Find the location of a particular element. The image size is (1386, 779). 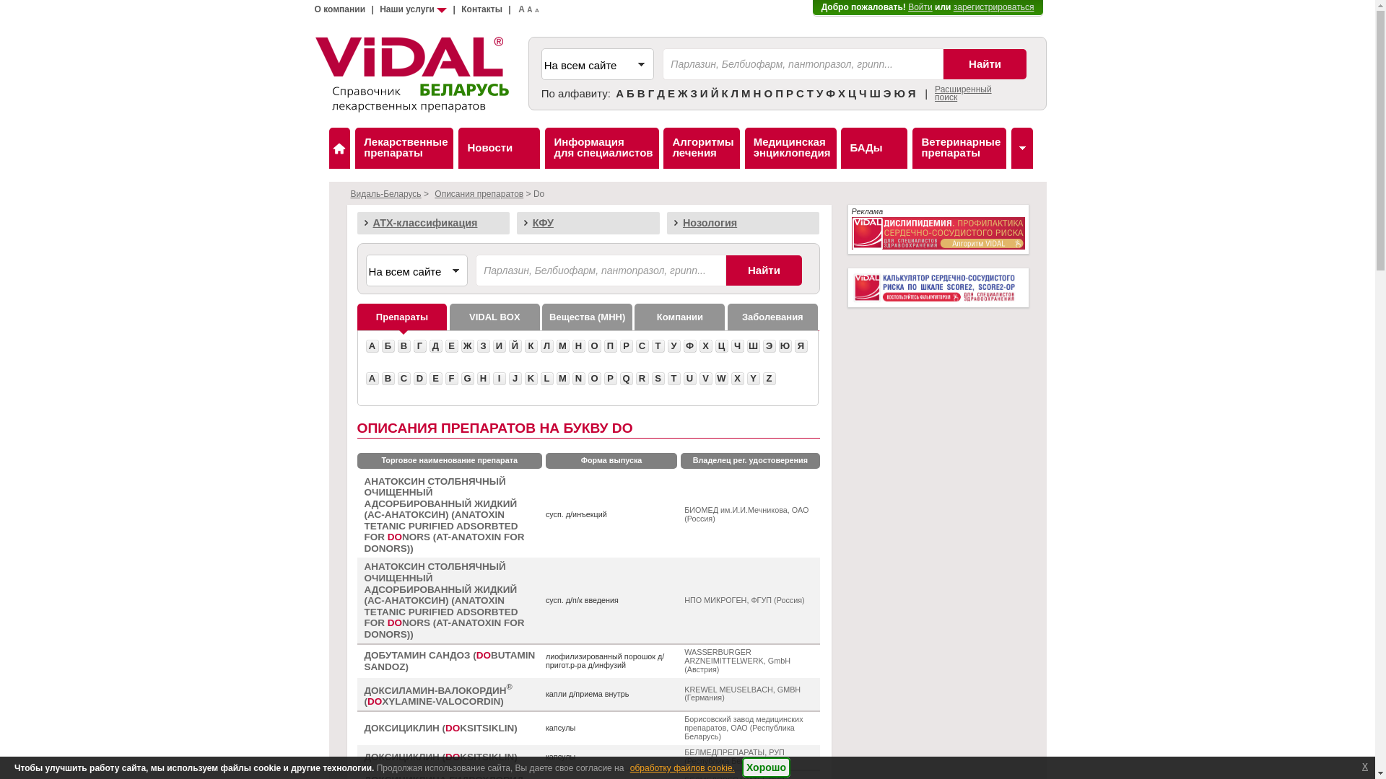

'X' is located at coordinates (737, 377).